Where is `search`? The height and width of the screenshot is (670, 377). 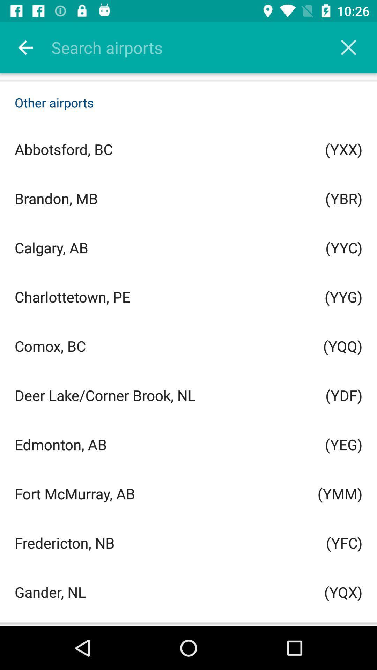
search is located at coordinates (348, 47).